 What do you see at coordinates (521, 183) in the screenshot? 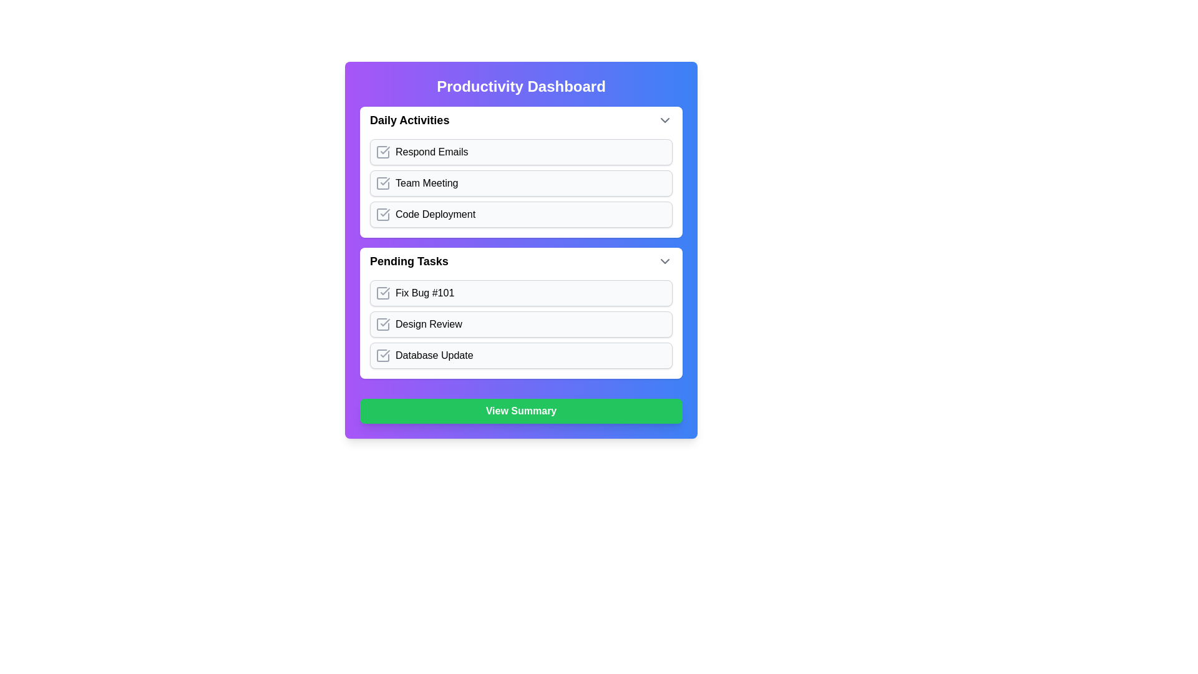
I see `the selectable task item labeled 'Team Meeting'` at bounding box center [521, 183].